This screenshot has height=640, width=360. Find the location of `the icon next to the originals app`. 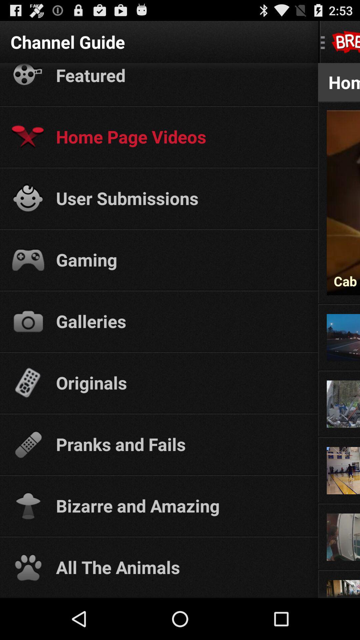

the icon next to the originals app is located at coordinates (339, 371).